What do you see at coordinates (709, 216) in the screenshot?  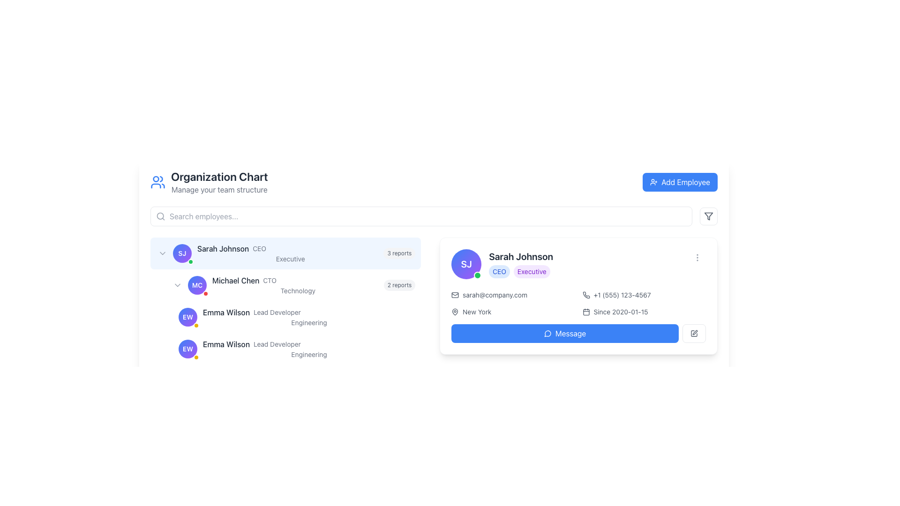 I see `the filter icon located in the header section towards the upper-right corner, adjacent to the blue 'Add Employee' button and left of the email icon` at bounding box center [709, 216].